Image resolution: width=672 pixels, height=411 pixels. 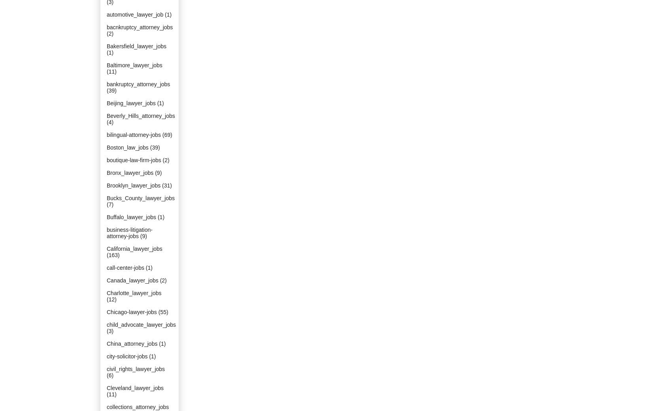 What do you see at coordinates (166, 185) in the screenshot?
I see `'(31)'` at bounding box center [166, 185].